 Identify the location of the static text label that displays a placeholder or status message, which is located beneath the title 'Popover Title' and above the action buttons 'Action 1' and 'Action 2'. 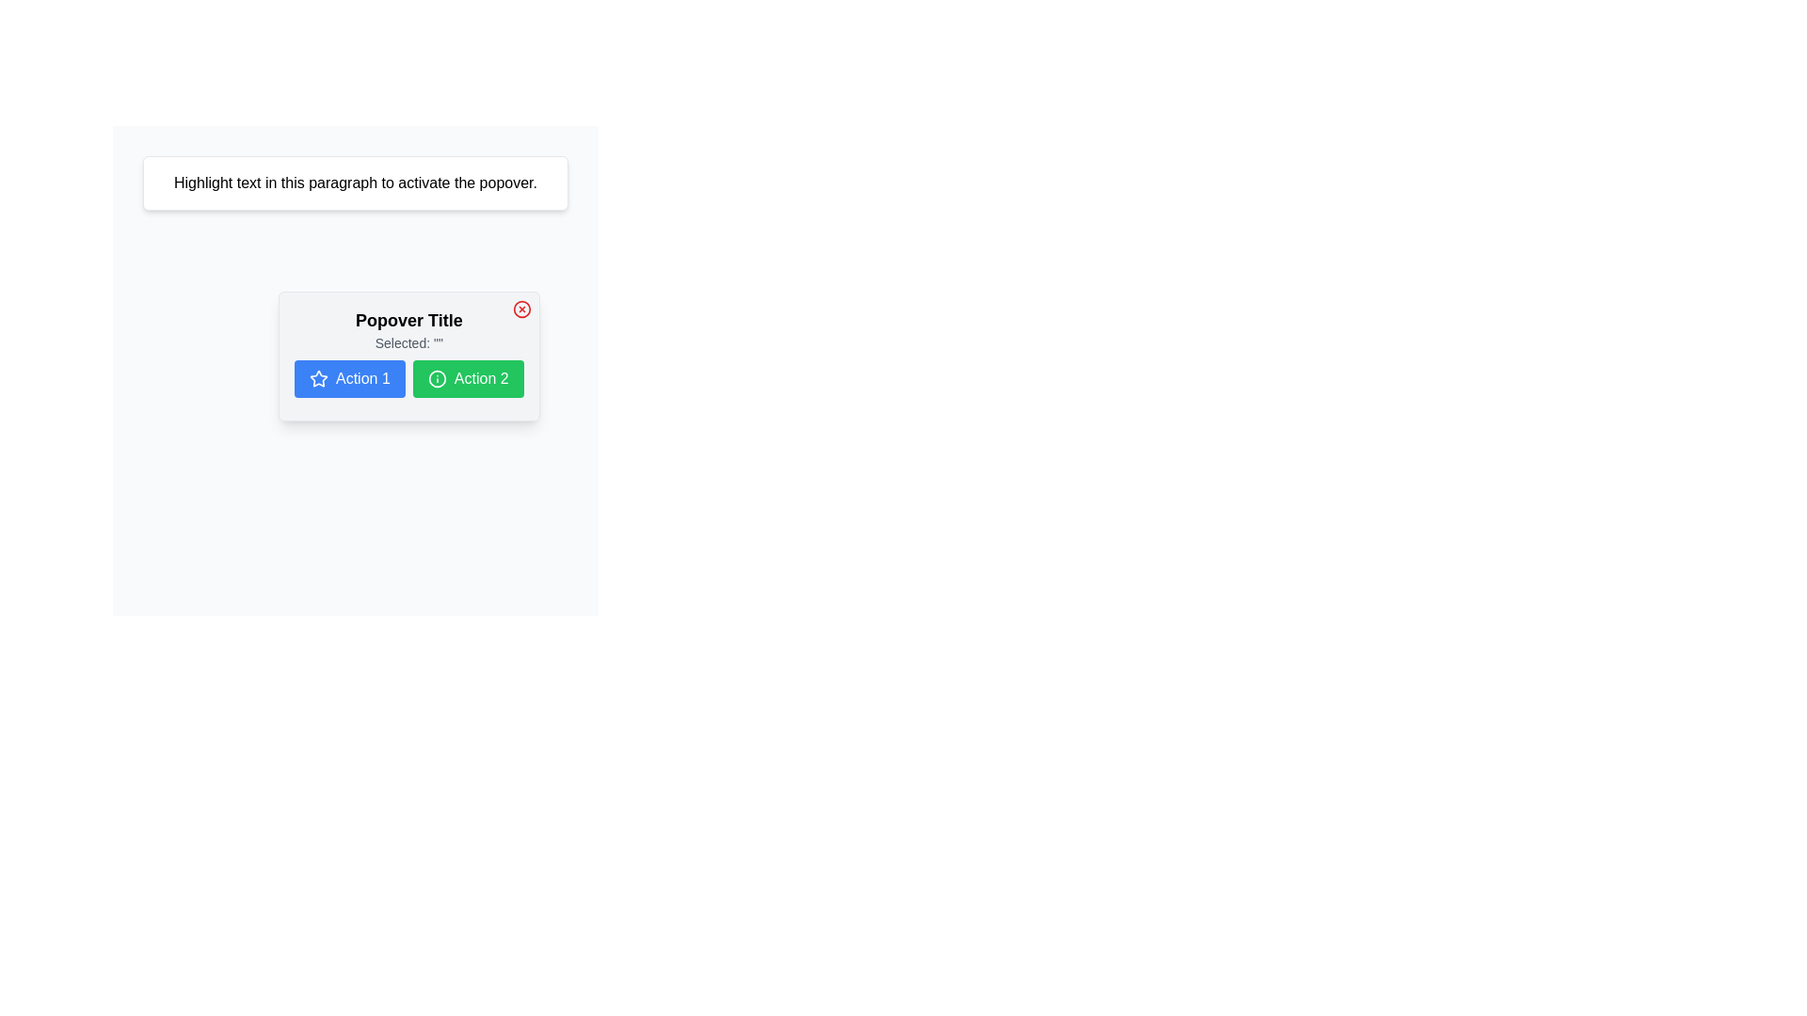
(408, 343).